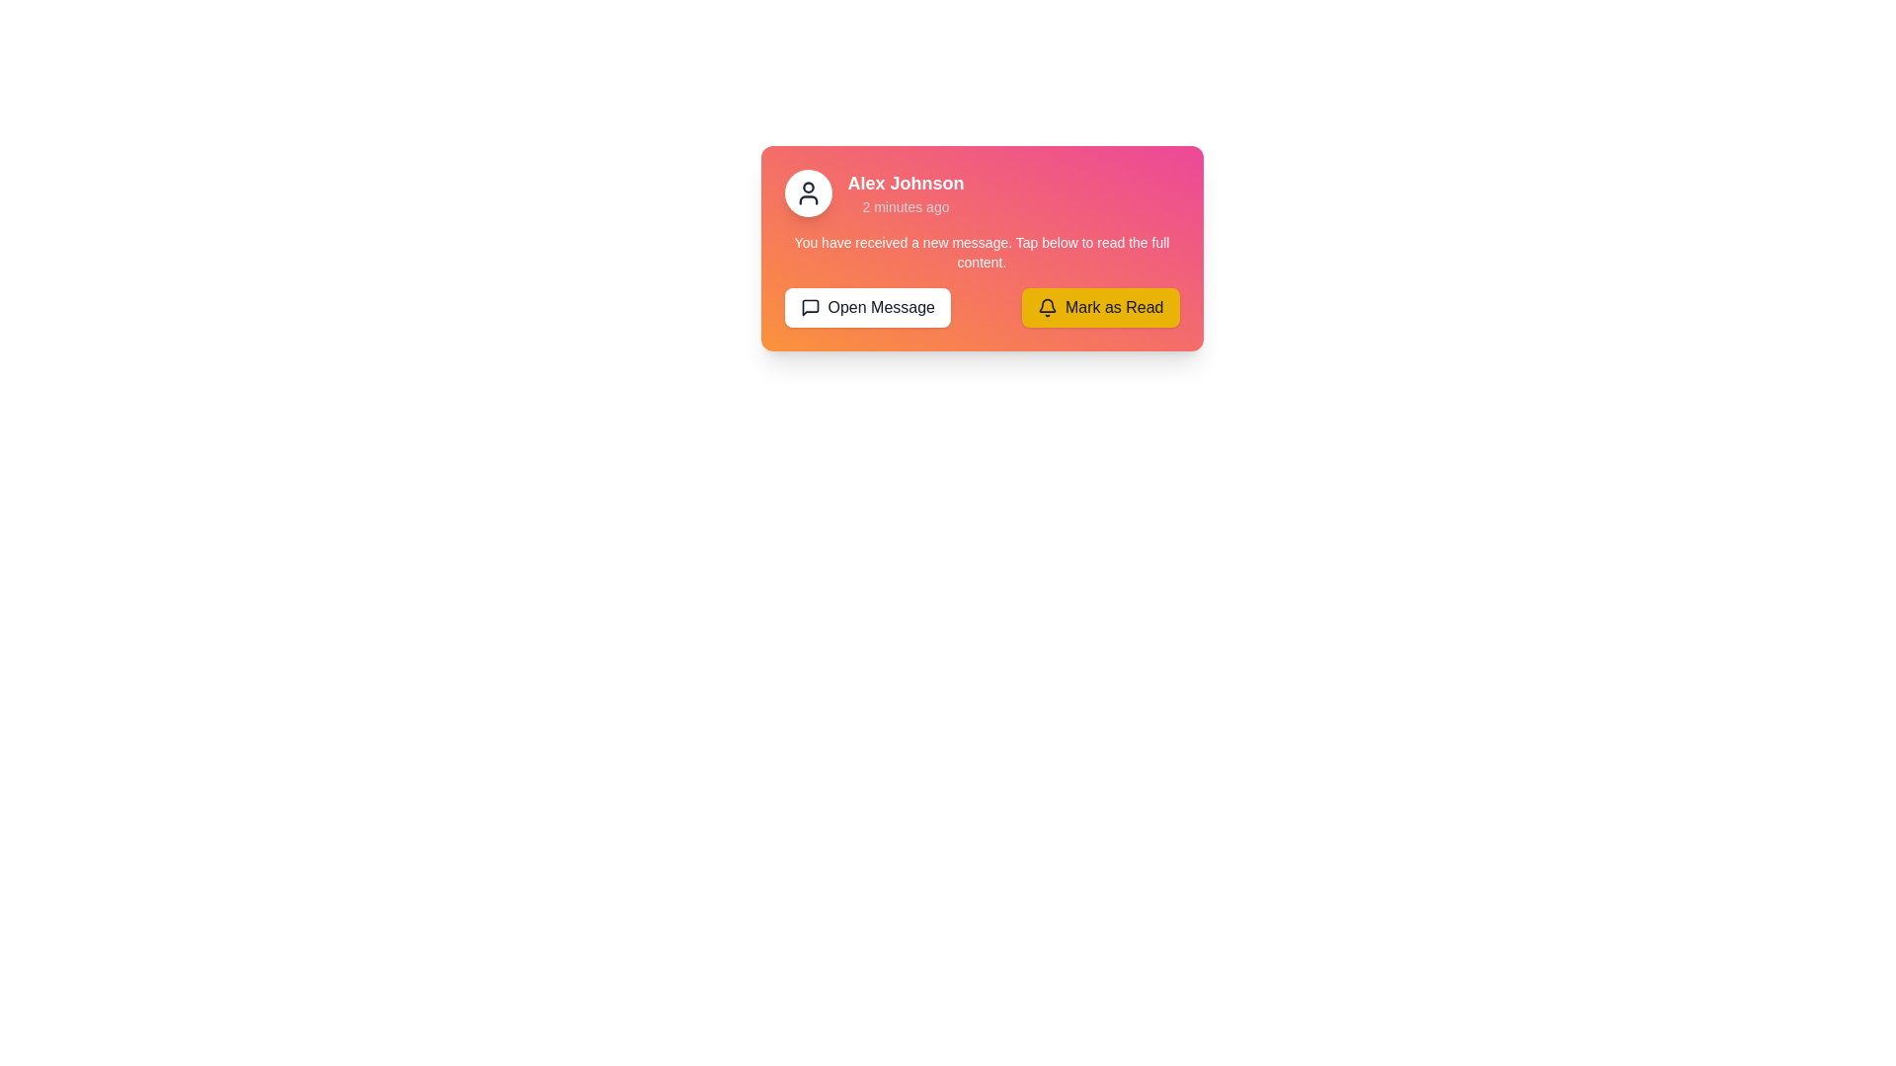  I want to click on the bell icon located within the yellow 'Mark as Read' button, which is styled with a thin outline and a rounded design, so click(1046, 308).